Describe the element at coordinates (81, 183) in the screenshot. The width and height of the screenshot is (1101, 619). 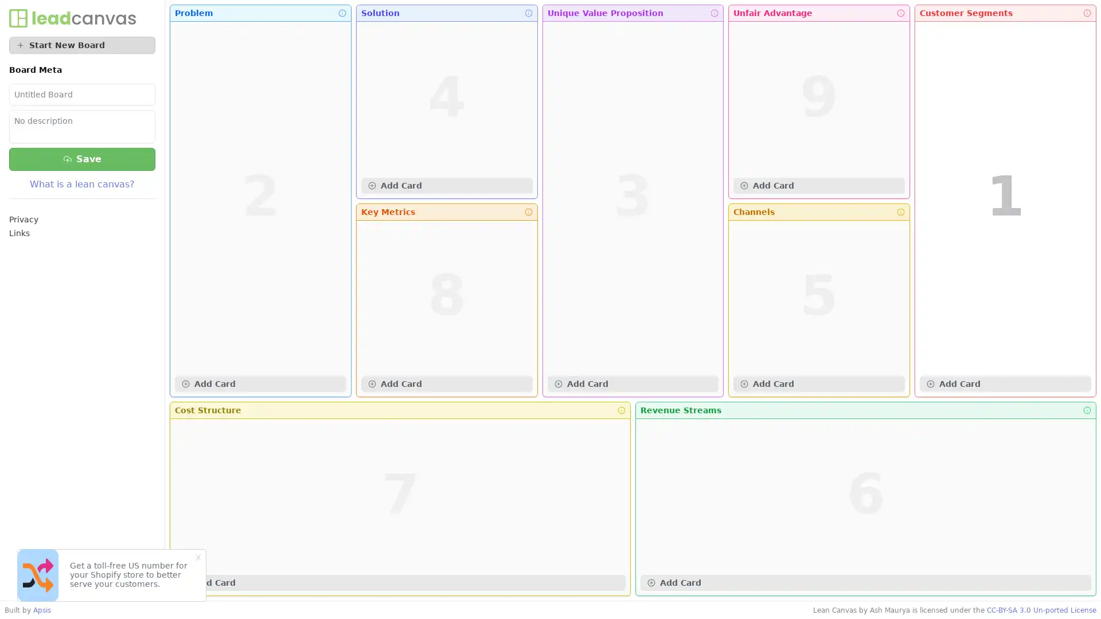
I see `What is a lean canvas?` at that location.